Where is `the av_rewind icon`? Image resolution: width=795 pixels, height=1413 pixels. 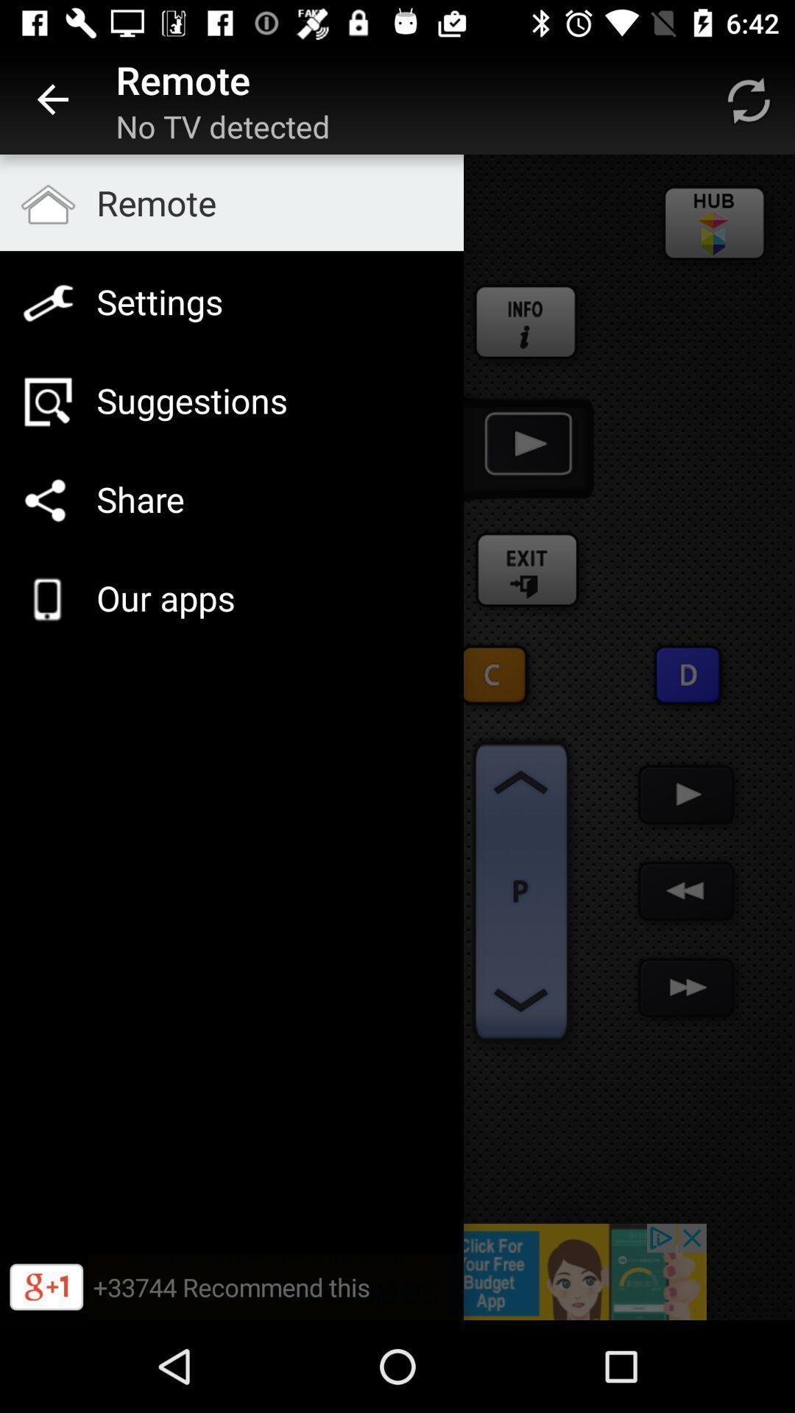 the av_rewind icon is located at coordinates (687, 890).